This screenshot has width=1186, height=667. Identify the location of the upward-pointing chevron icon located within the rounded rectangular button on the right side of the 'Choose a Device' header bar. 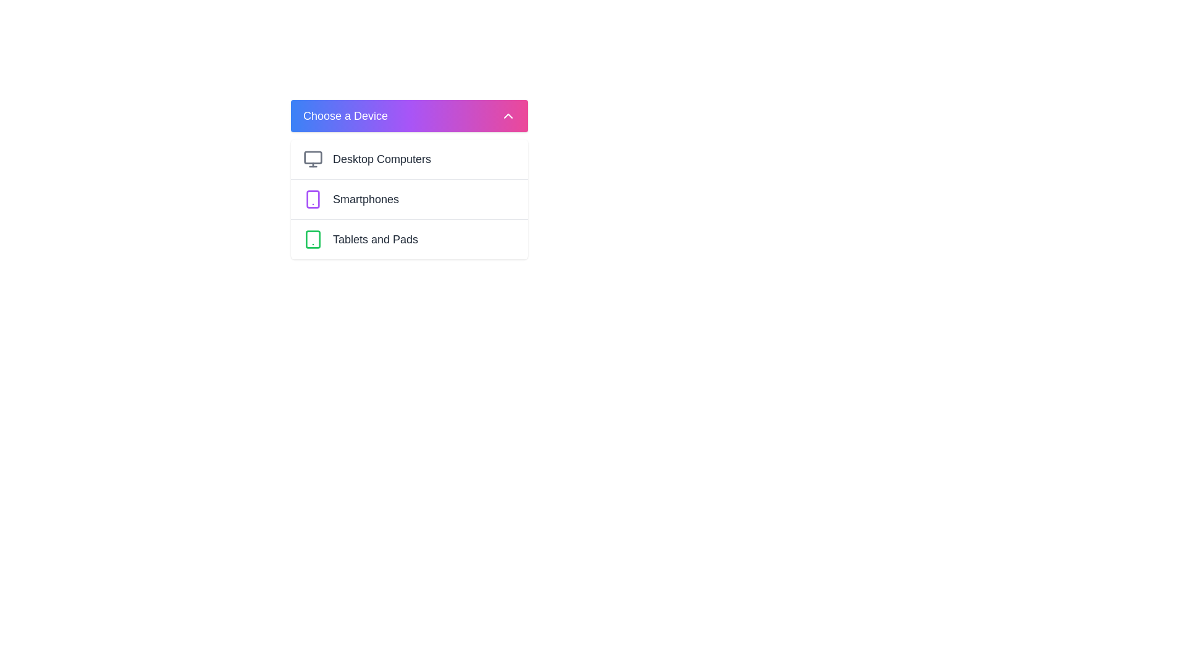
(508, 116).